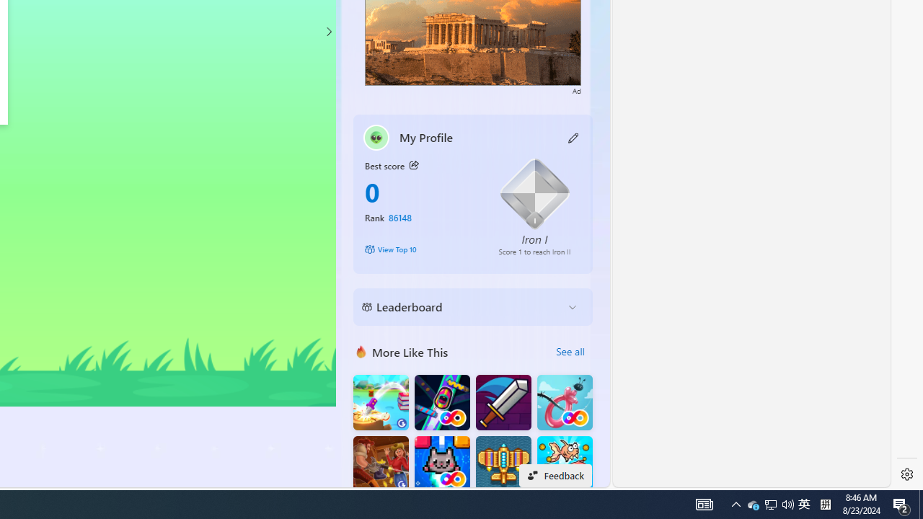 Image resolution: width=923 pixels, height=519 pixels. What do you see at coordinates (461, 306) in the screenshot?
I see `'Leaderboard'` at bounding box center [461, 306].